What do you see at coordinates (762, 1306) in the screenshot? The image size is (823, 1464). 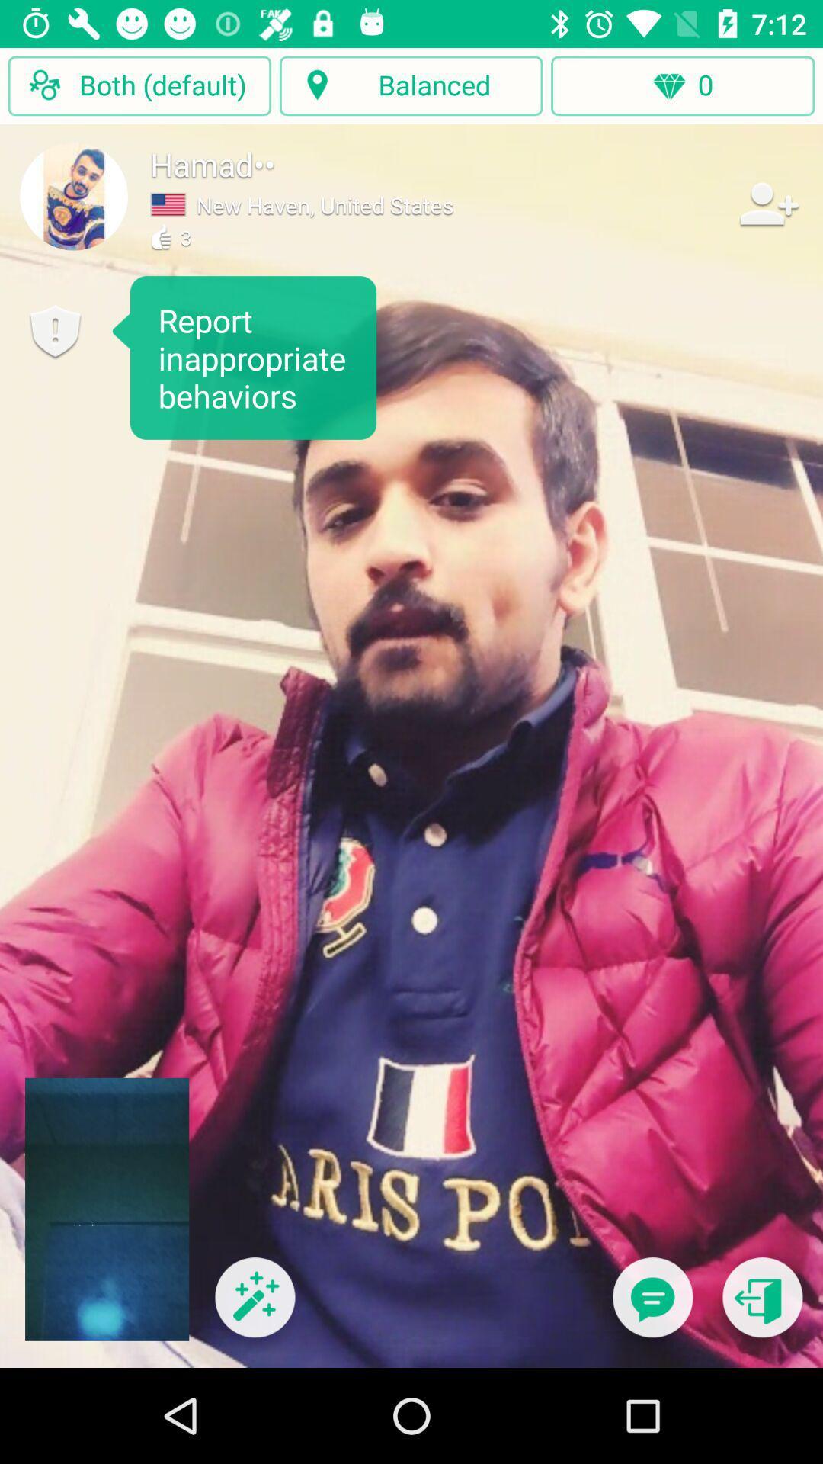 I see `go back` at bounding box center [762, 1306].